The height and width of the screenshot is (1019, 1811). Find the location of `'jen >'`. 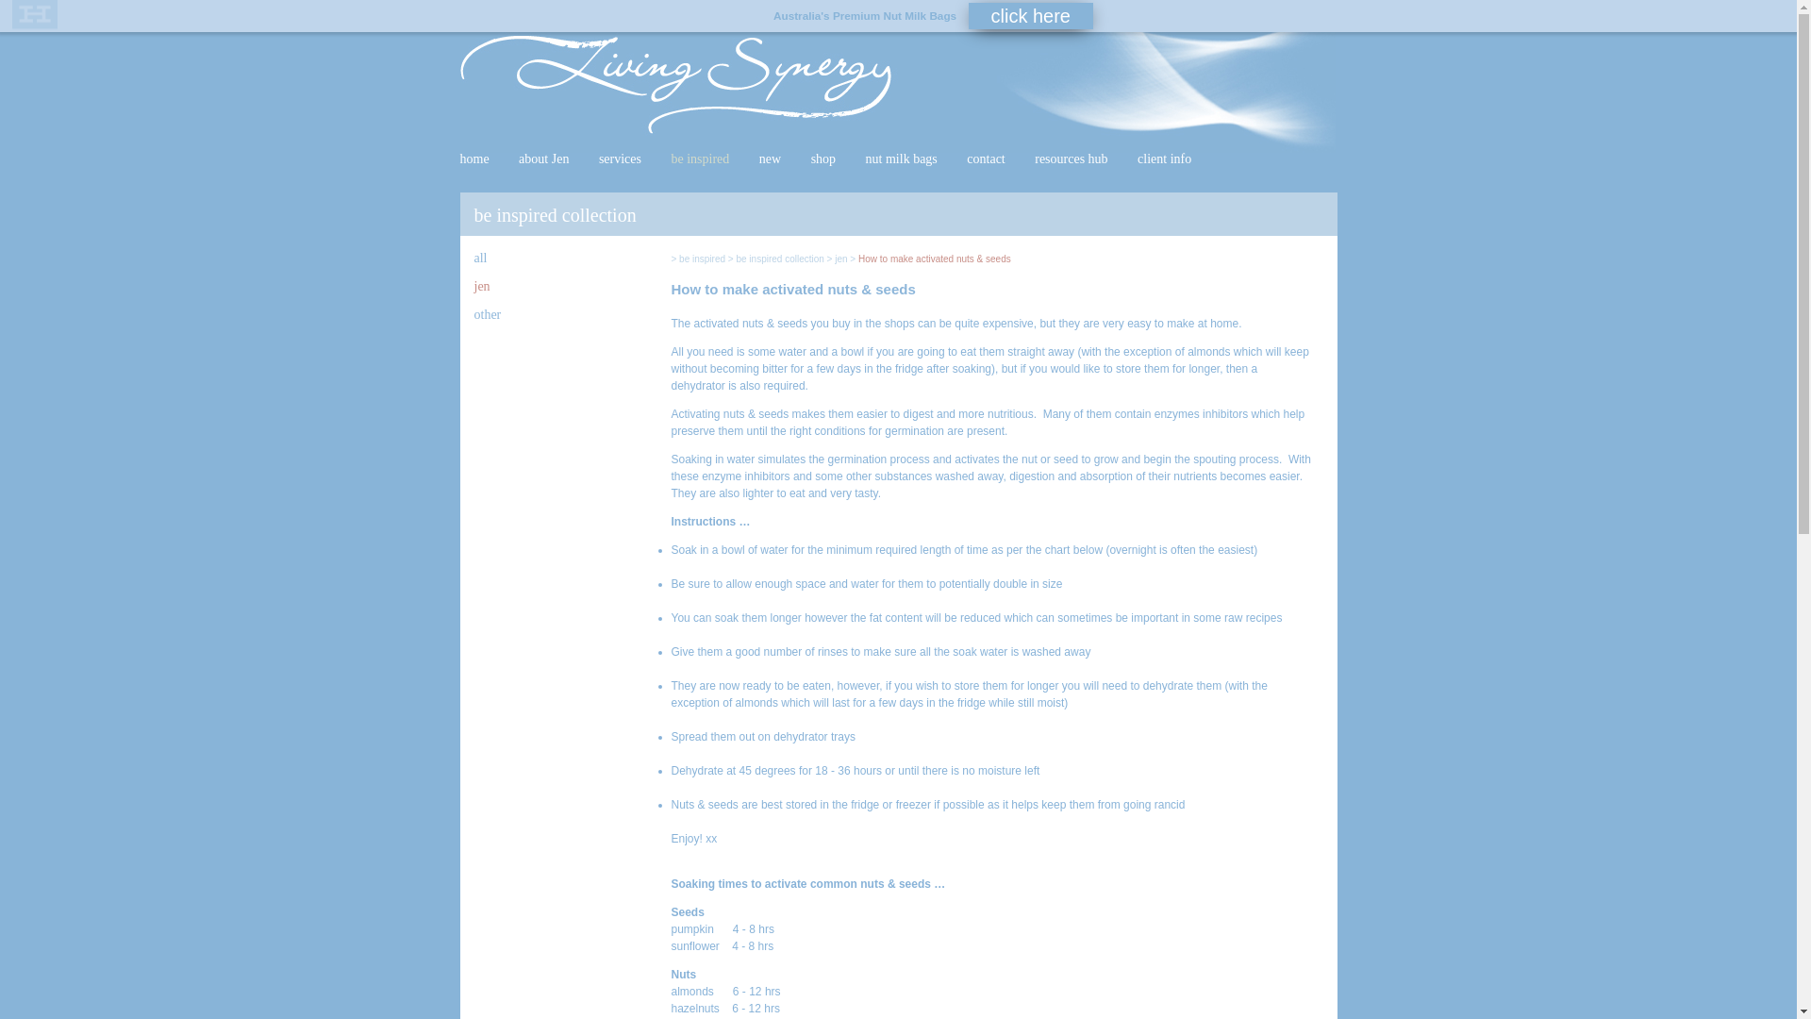

'jen >' is located at coordinates (844, 259).